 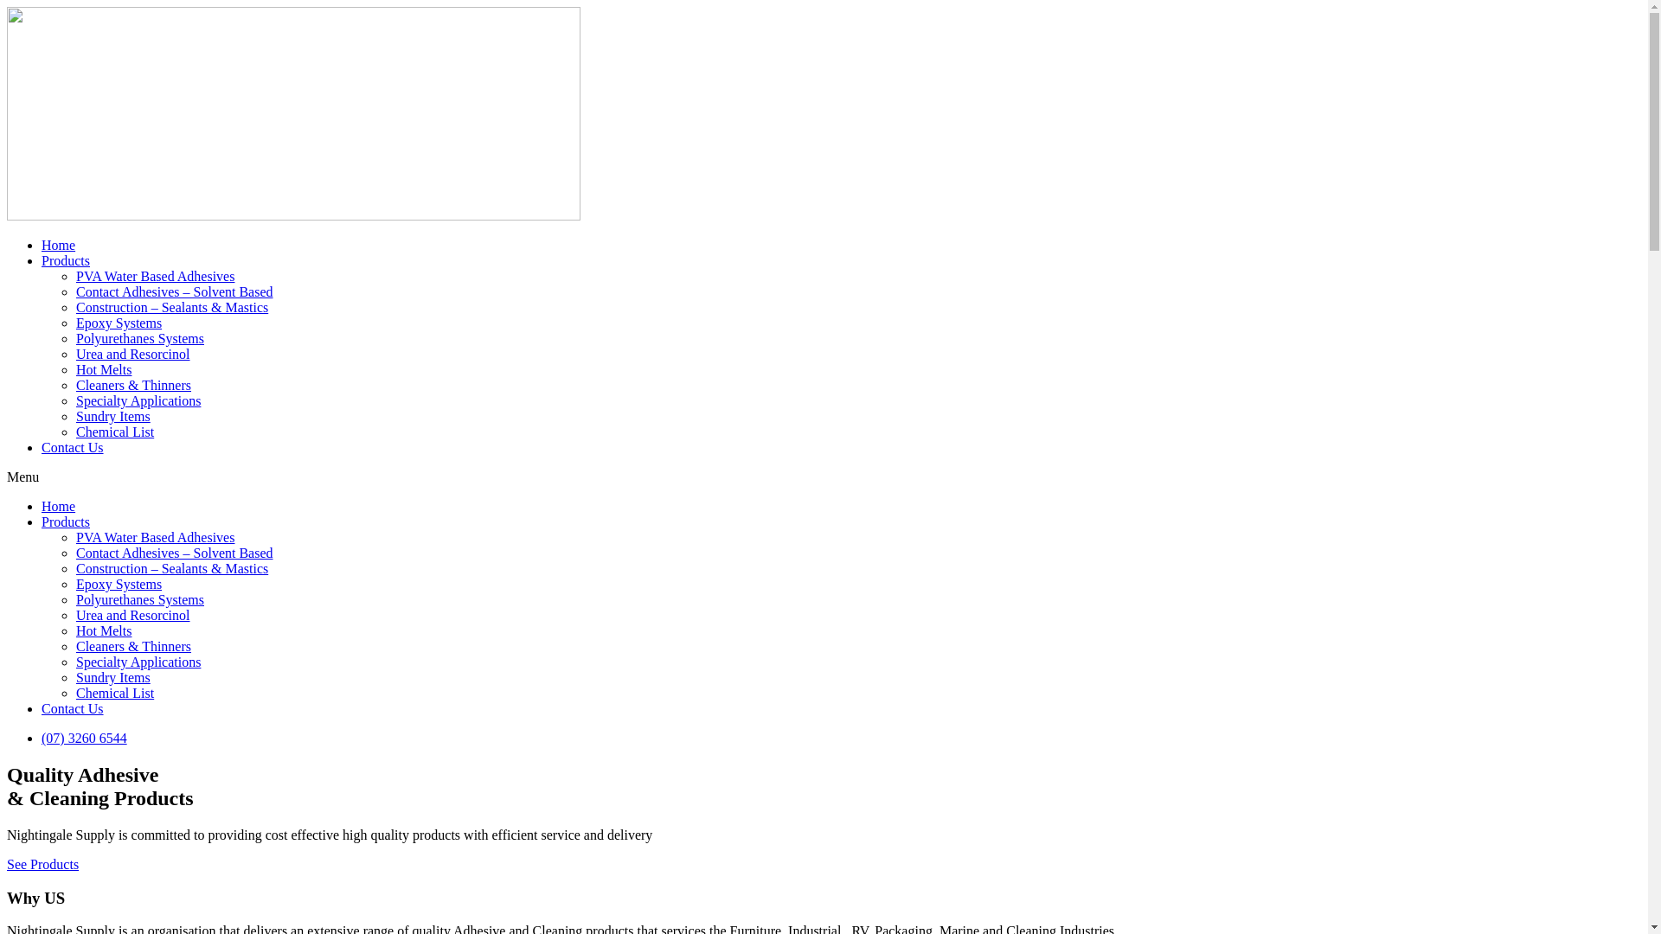 I want to click on 'Chemical List', so click(x=114, y=431).